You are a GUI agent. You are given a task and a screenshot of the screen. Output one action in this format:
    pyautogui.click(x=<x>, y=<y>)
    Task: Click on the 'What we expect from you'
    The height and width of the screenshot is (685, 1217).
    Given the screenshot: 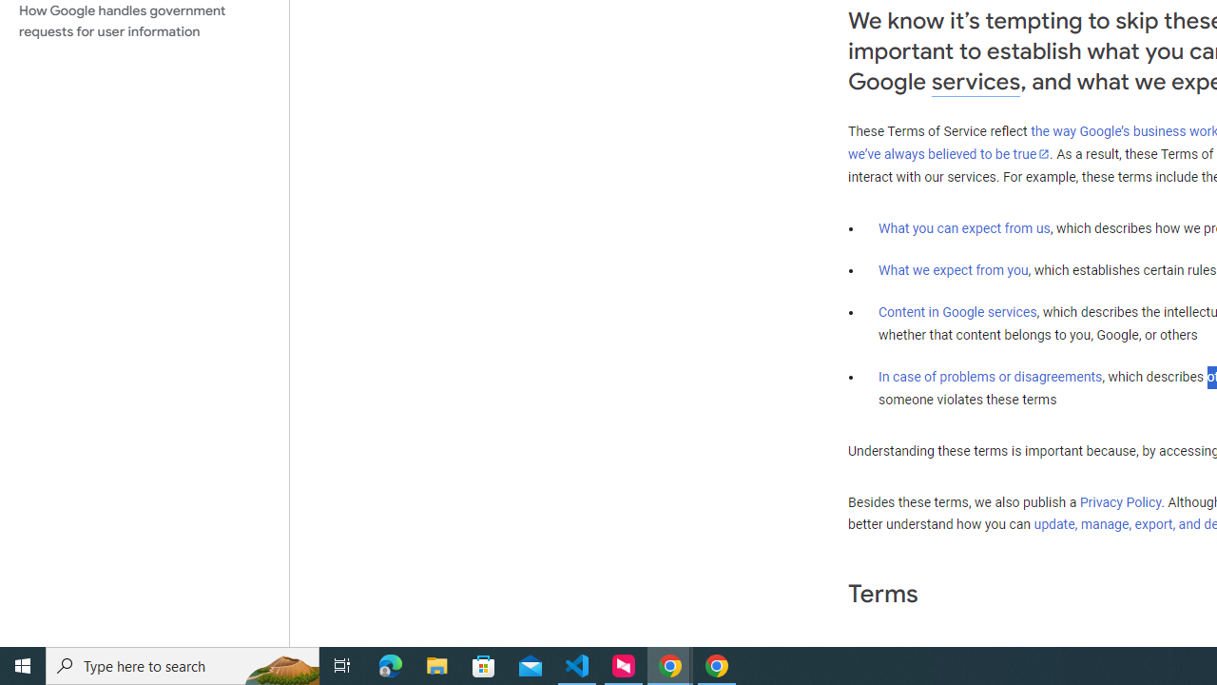 What is the action you would take?
    pyautogui.click(x=953, y=270)
    